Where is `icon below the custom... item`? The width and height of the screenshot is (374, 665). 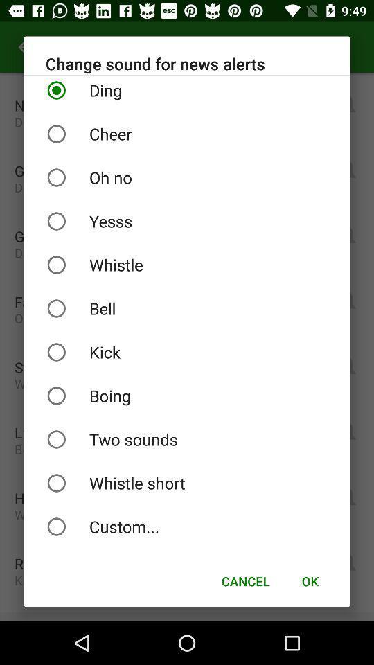
icon below the custom... item is located at coordinates (310, 581).